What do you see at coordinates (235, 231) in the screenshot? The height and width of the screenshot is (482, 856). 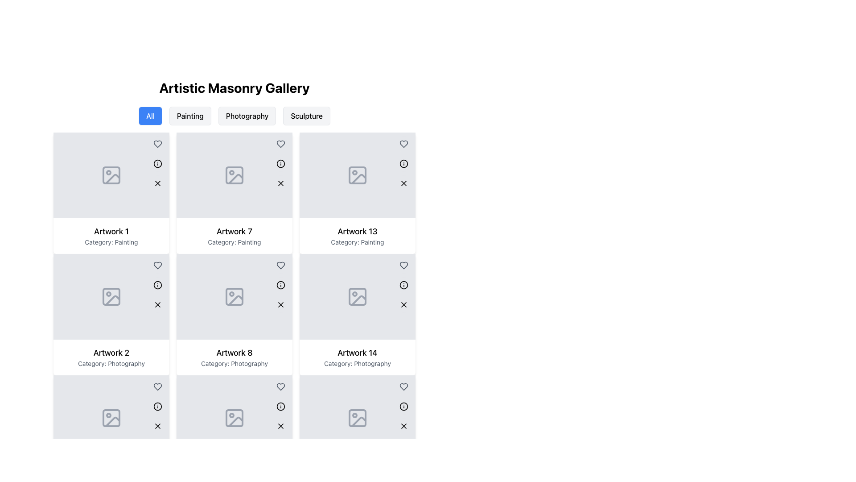 I see `the text label displaying 'Artwork 7', which is bold and larger-font, centrally located in the second column of the grid layout` at bounding box center [235, 231].